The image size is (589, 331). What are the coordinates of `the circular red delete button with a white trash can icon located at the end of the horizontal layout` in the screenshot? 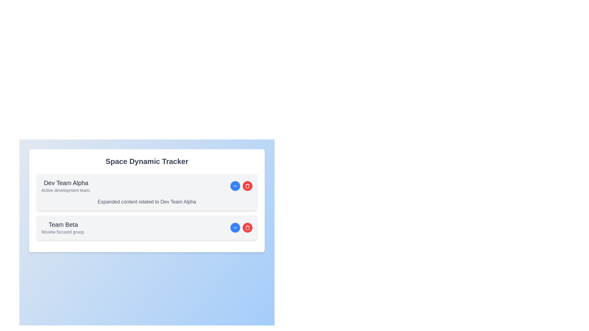 It's located at (247, 228).